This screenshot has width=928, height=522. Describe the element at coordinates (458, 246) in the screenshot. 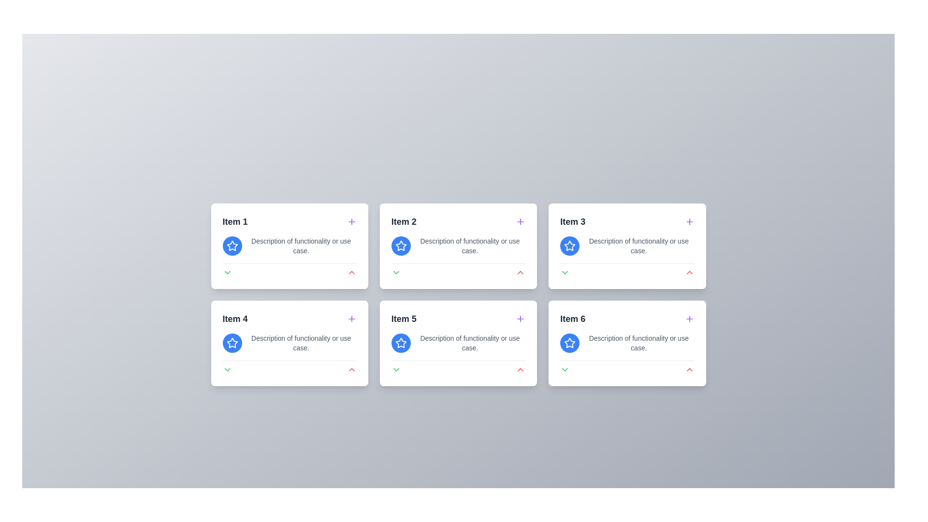

I see `text label that describes the functionality or use case, which is styled with medium gray font and is located beside a circular blue icon with a white star in the card labeled 'Item 2'` at that location.